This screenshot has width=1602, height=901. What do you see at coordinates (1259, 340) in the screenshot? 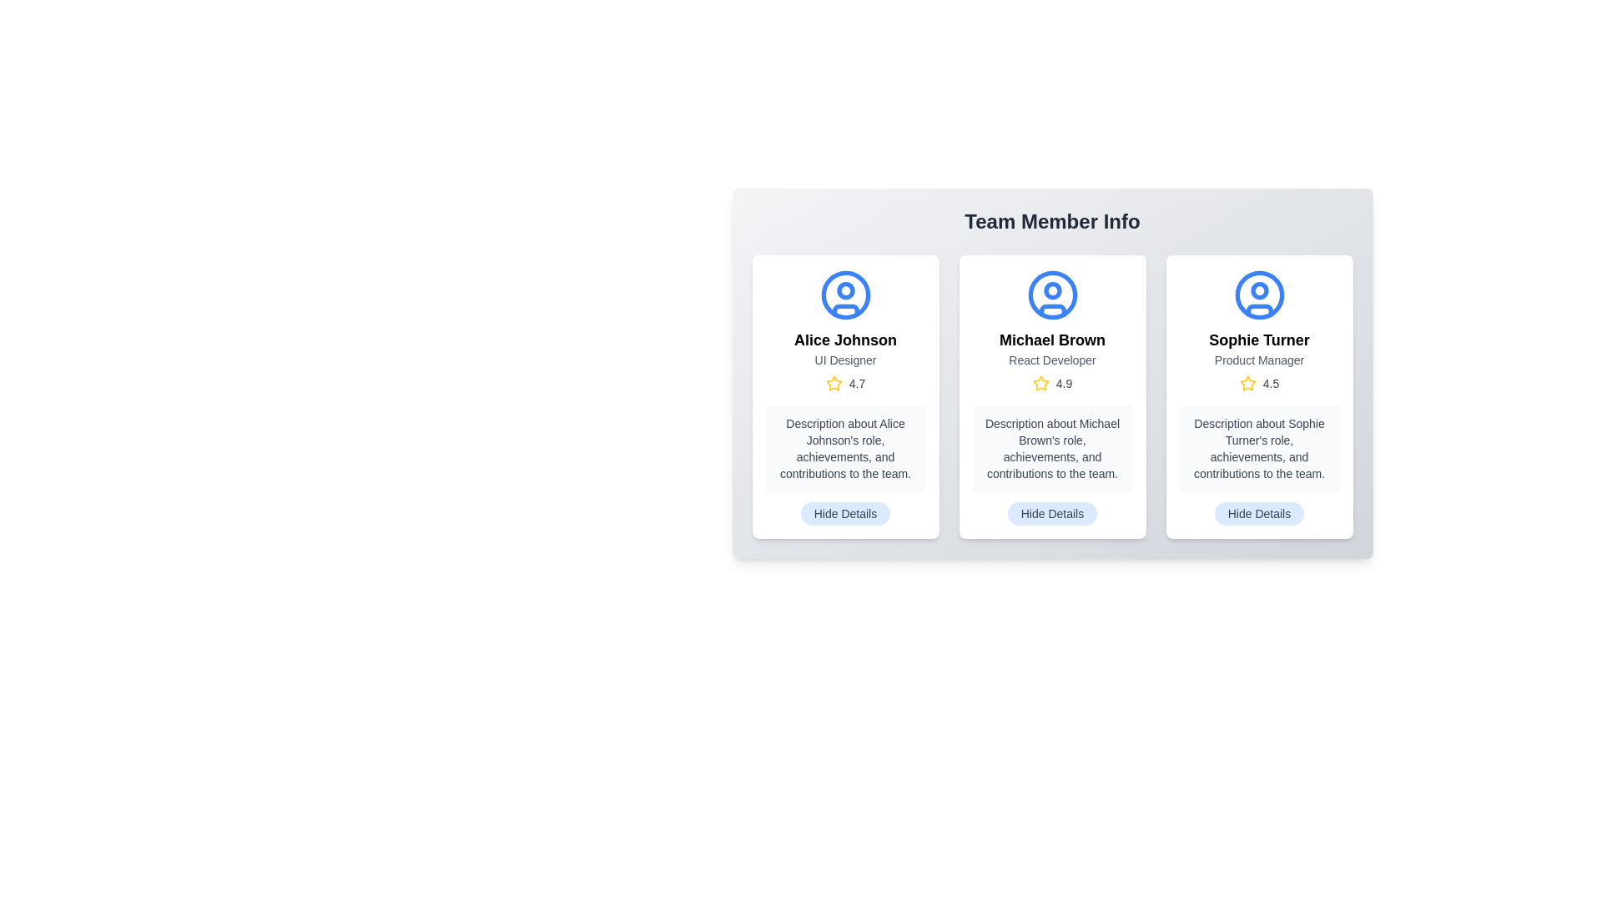
I see `the bold, black-text title reading 'Sophie Turner', which is the main heading in the rightmost card of a horizontally aligned list of three cards` at bounding box center [1259, 340].